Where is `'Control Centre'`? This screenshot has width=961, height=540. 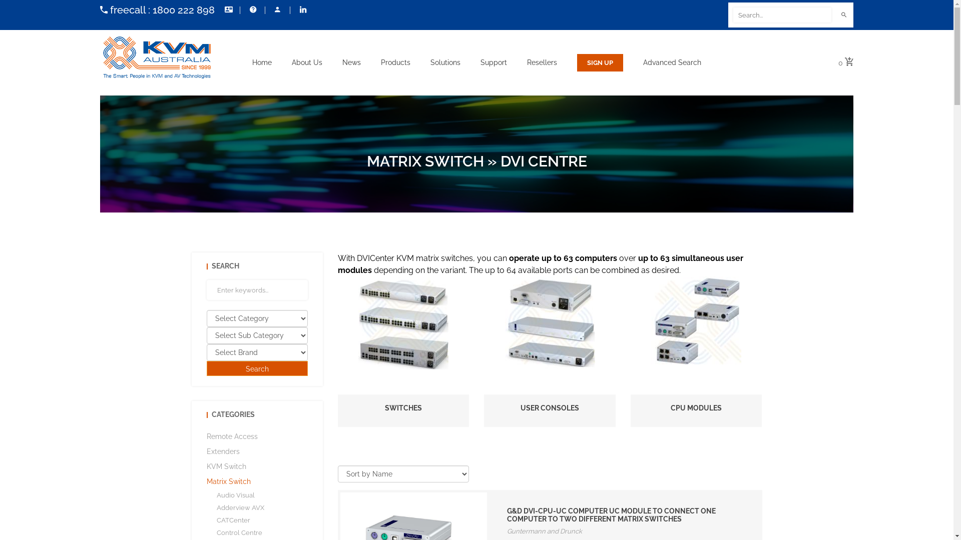
'Control Centre' is located at coordinates (216, 532).